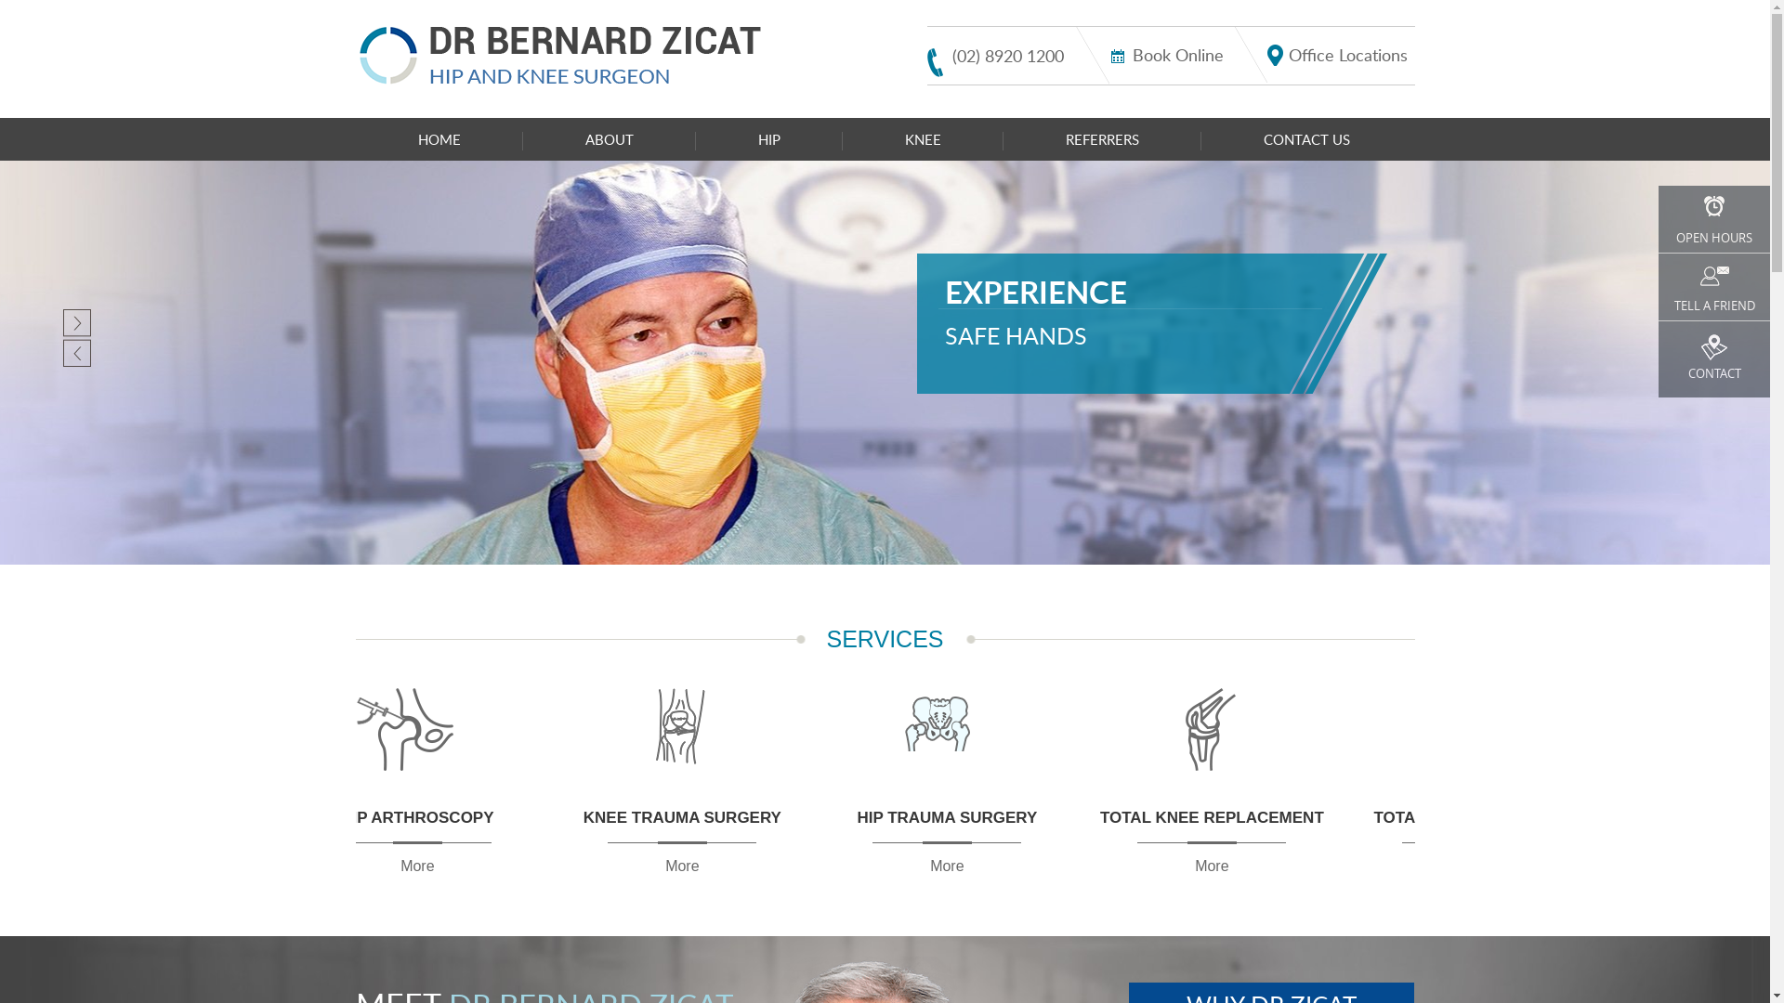  Describe the element at coordinates (83, 353) in the screenshot. I see `'Previous'` at that location.